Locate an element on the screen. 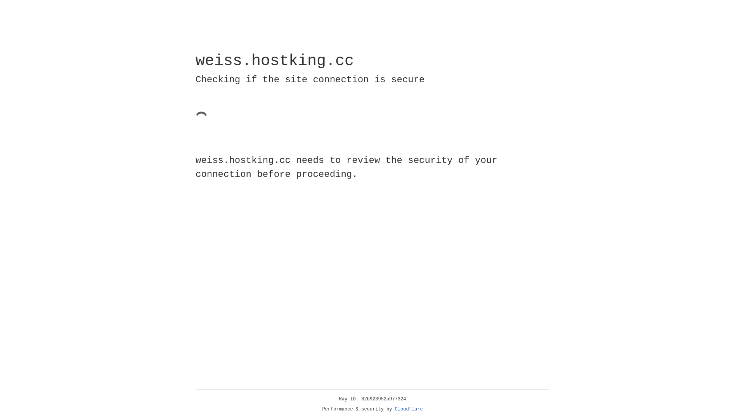 This screenshot has height=419, width=745. 'Cloudflare' is located at coordinates (395, 409).